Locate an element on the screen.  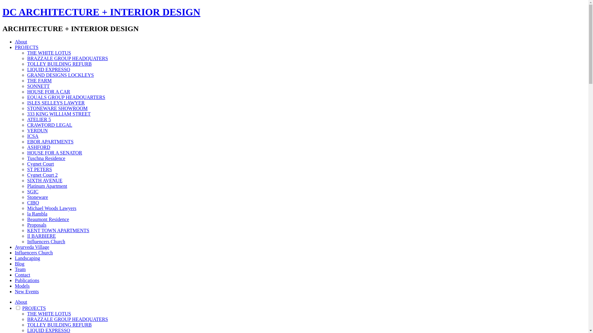
'Influencers Church' is located at coordinates (46, 241).